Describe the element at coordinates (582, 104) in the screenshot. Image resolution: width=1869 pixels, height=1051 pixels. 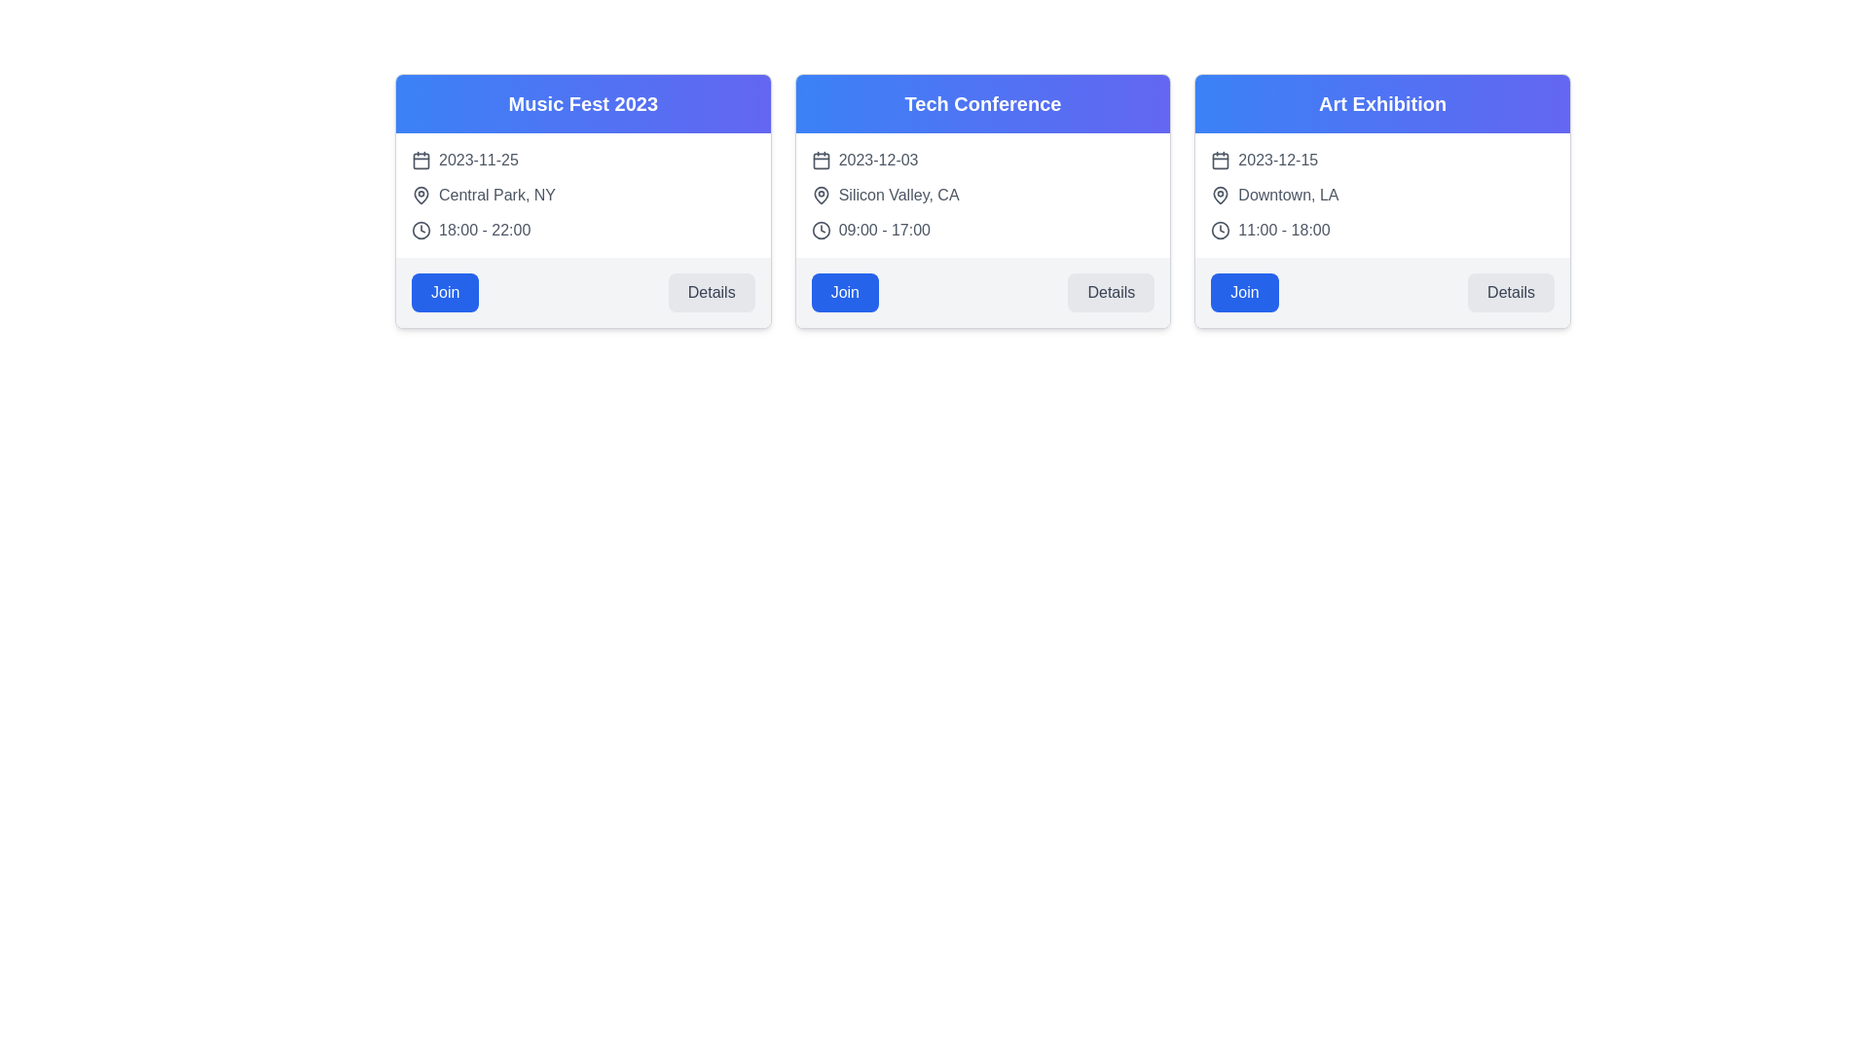
I see `the title banner of the event, which is the topmost section of the first card in a series of three horizontally aligned cards` at that location.